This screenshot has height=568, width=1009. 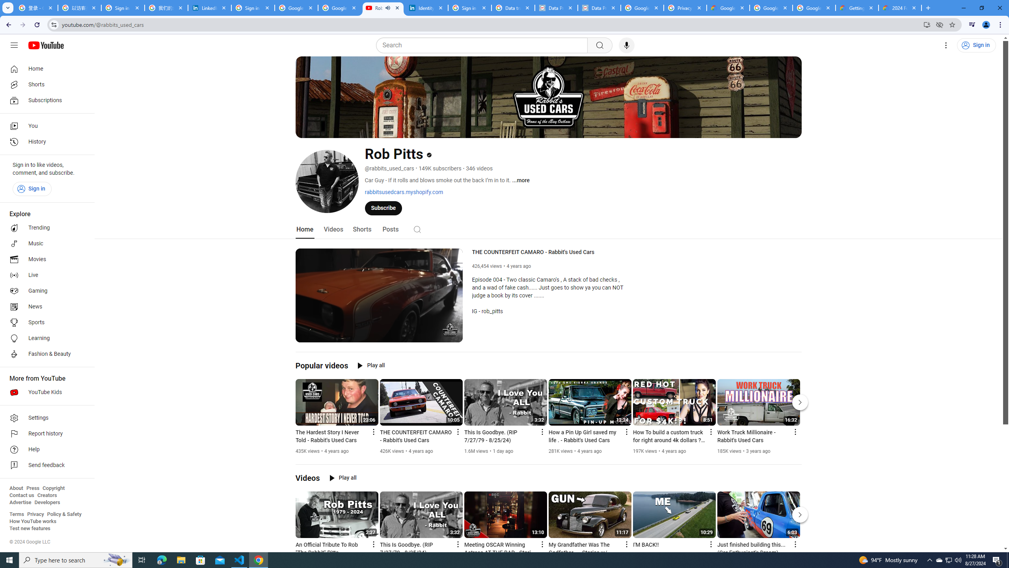 What do you see at coordinates (450, 329) in the screenshot?
I see `'Channel watermark'` at bounding box center [450, 329].